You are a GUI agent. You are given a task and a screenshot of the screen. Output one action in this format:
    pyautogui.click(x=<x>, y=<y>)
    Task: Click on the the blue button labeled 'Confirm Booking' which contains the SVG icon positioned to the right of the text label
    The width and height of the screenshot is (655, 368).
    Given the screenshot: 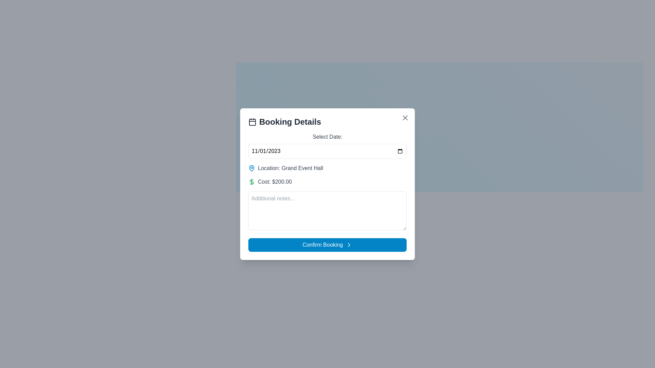 What is the action you would take?
    pyautogui.click(x=349, y=244)
    